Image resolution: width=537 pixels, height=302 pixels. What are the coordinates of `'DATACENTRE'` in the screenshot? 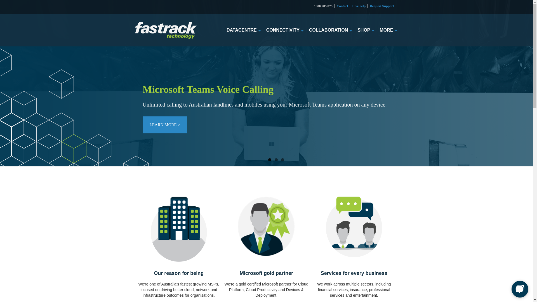 It's located at (242, 30).